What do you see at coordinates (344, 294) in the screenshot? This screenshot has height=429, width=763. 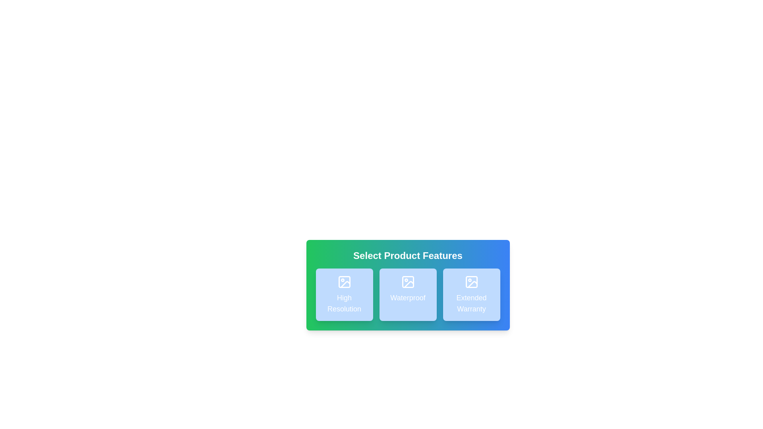 I see `the feature card labeled High Resolution` at bounding box center [344, 294].